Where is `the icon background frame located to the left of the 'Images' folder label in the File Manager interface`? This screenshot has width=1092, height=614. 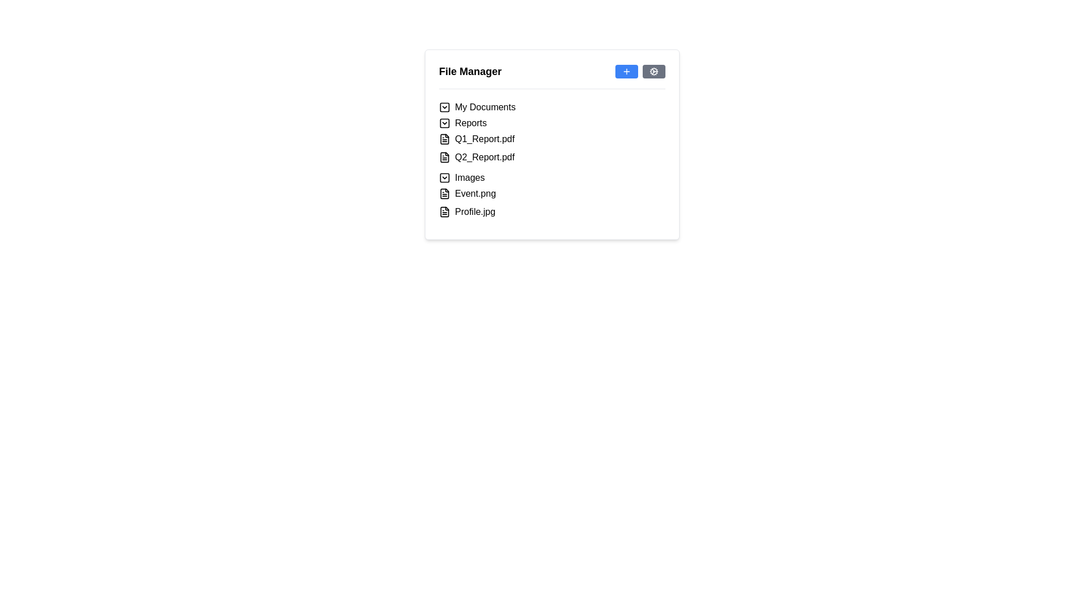 the icon background frame located to the left of the 'Images' folder label in the File Manager interface is located at coordinates (444, 177).